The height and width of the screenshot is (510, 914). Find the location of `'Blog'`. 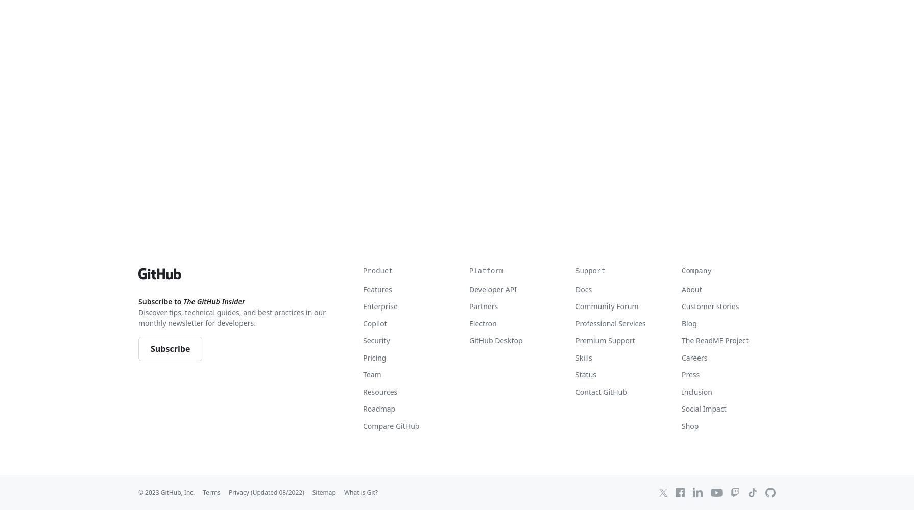

'Blog' is located at coordinates (688, 323).